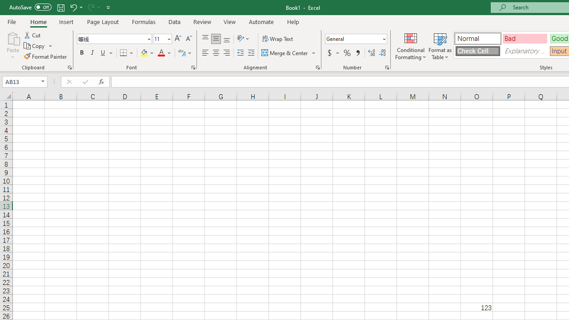 This screenshot has width=569, height=320. What do you see at coordinates (69, 67) in the screenshot?
I see `'Office Clipboard...'` at bounding box center [69, 67].